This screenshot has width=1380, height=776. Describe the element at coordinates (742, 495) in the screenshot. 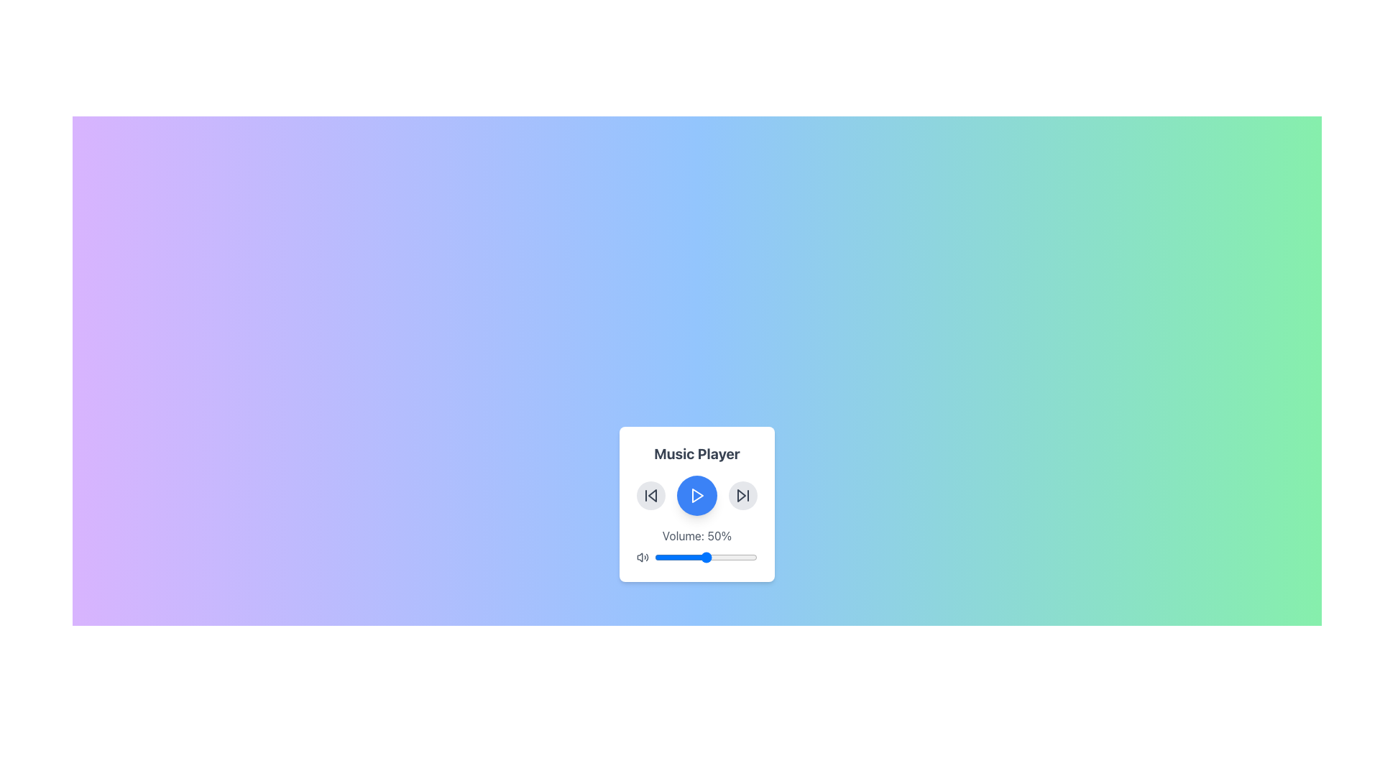

I see `the skip-forward button, which is a gray triangle icon followed by a vertical line, located to the right of the blue play button in the music player interface` at that location.